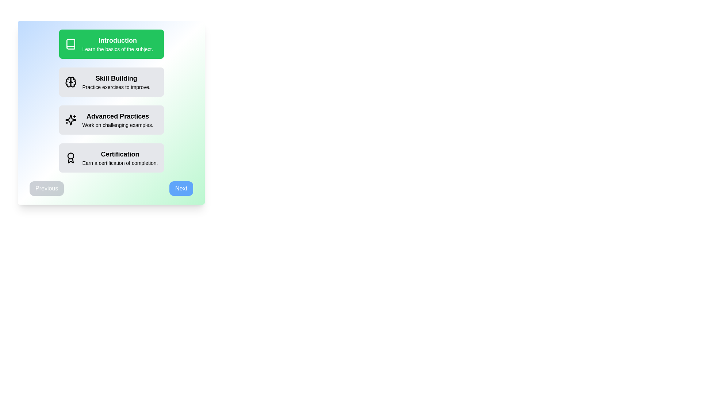 Image resolution: width=701 pixels, height=394 pixels. Describe the element at coordinates (111, 44) in the screenshot. I see `the description of the step Introduction` at that location.